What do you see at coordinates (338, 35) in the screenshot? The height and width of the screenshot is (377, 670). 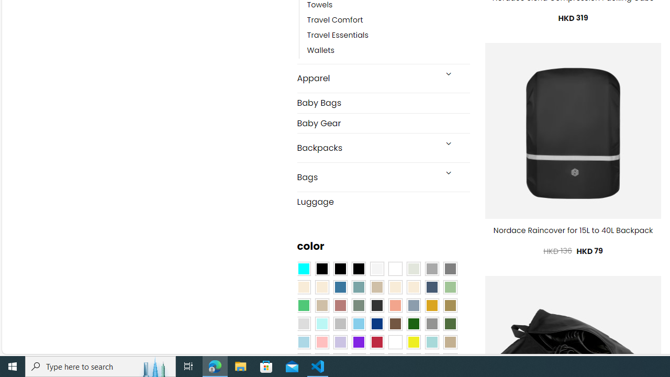 I see `'Travel Essentials'` at bounding box center [338, 35].